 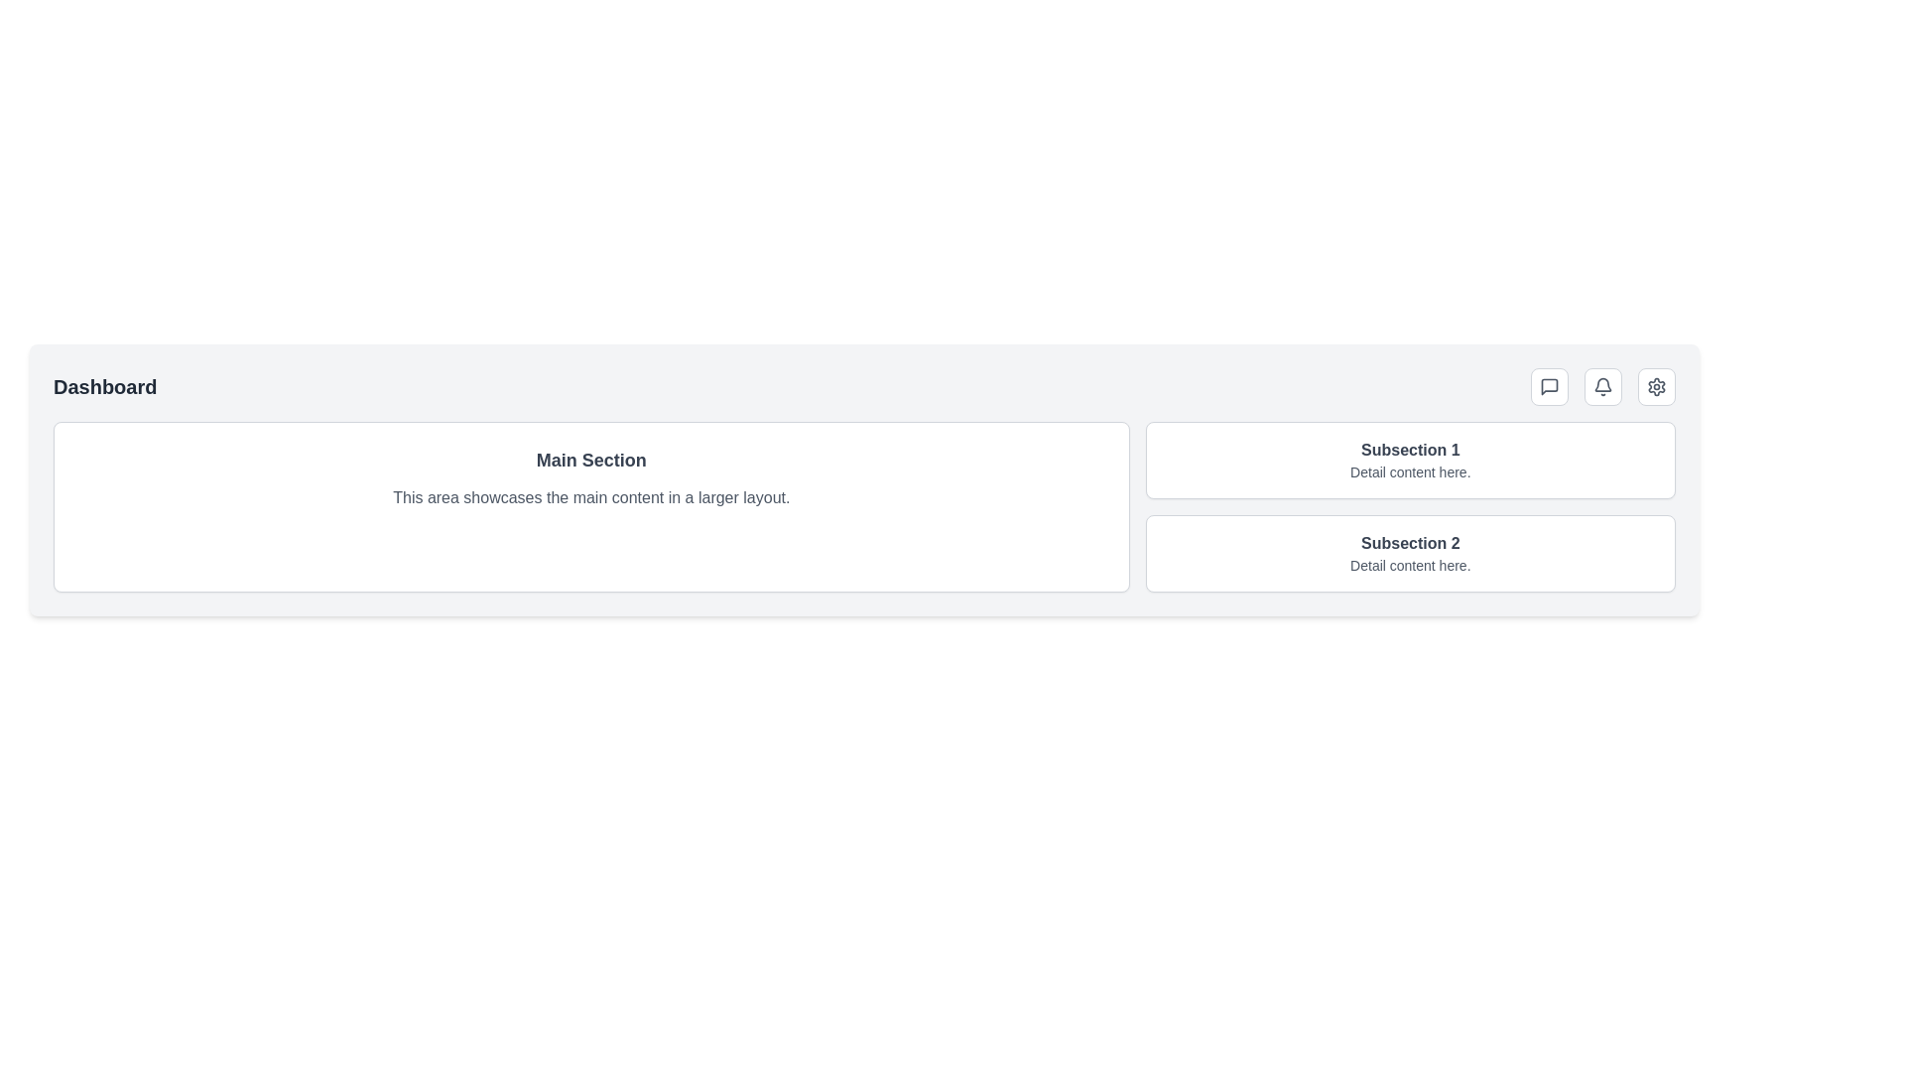 What do you see at coordinates (1548, 386) in the screenshot?
I see `the clickable button styled as a rounded square with a white background and a speech bubble icon` at bounding box center [1548, 386].